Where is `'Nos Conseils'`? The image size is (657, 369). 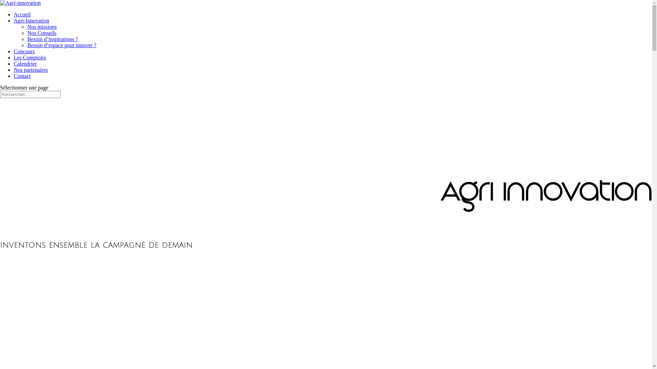
'Nos Conseils' is located at coordinates (27, 33).